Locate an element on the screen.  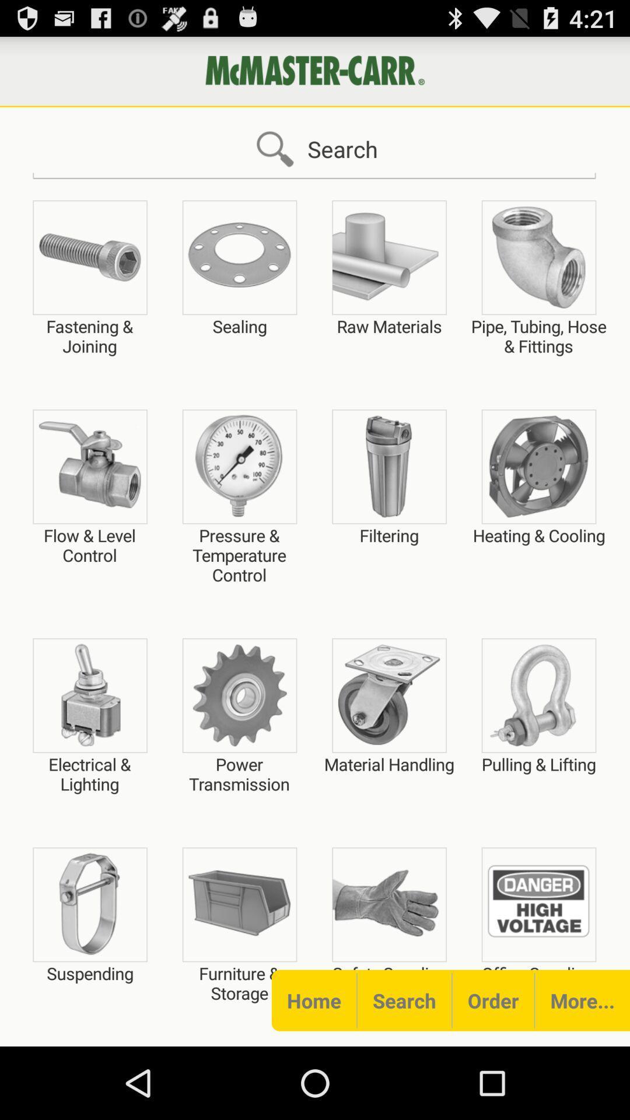
the more... icon is located at coordinates (582, 1000).